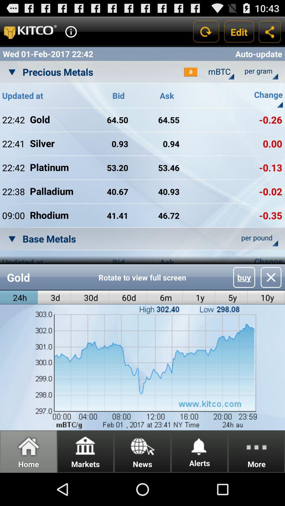 This screenshot has height=506, width=285. I want to click on the button which is to the left of mbtc, so click(191, 72).